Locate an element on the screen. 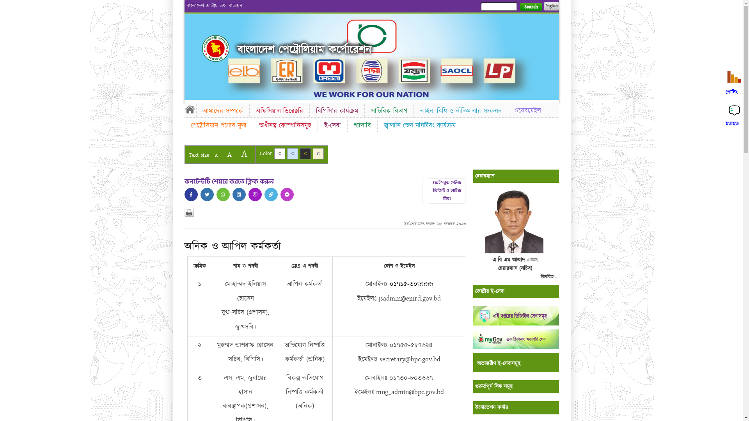  'A' is located at coordinates (229, 154).